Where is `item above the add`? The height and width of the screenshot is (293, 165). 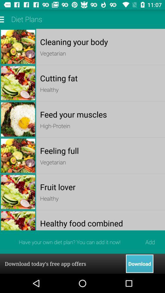 item above the add is located at coordinates (101, 223).